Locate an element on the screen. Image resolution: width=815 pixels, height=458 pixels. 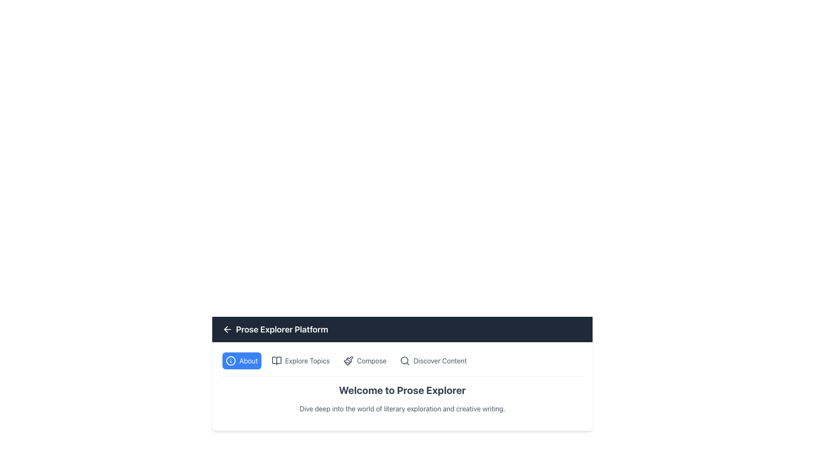
the 'Compose' text label, which is styled with a gray font and located at the end of a horizontal navigation bar is located at coordinates (371, 361).